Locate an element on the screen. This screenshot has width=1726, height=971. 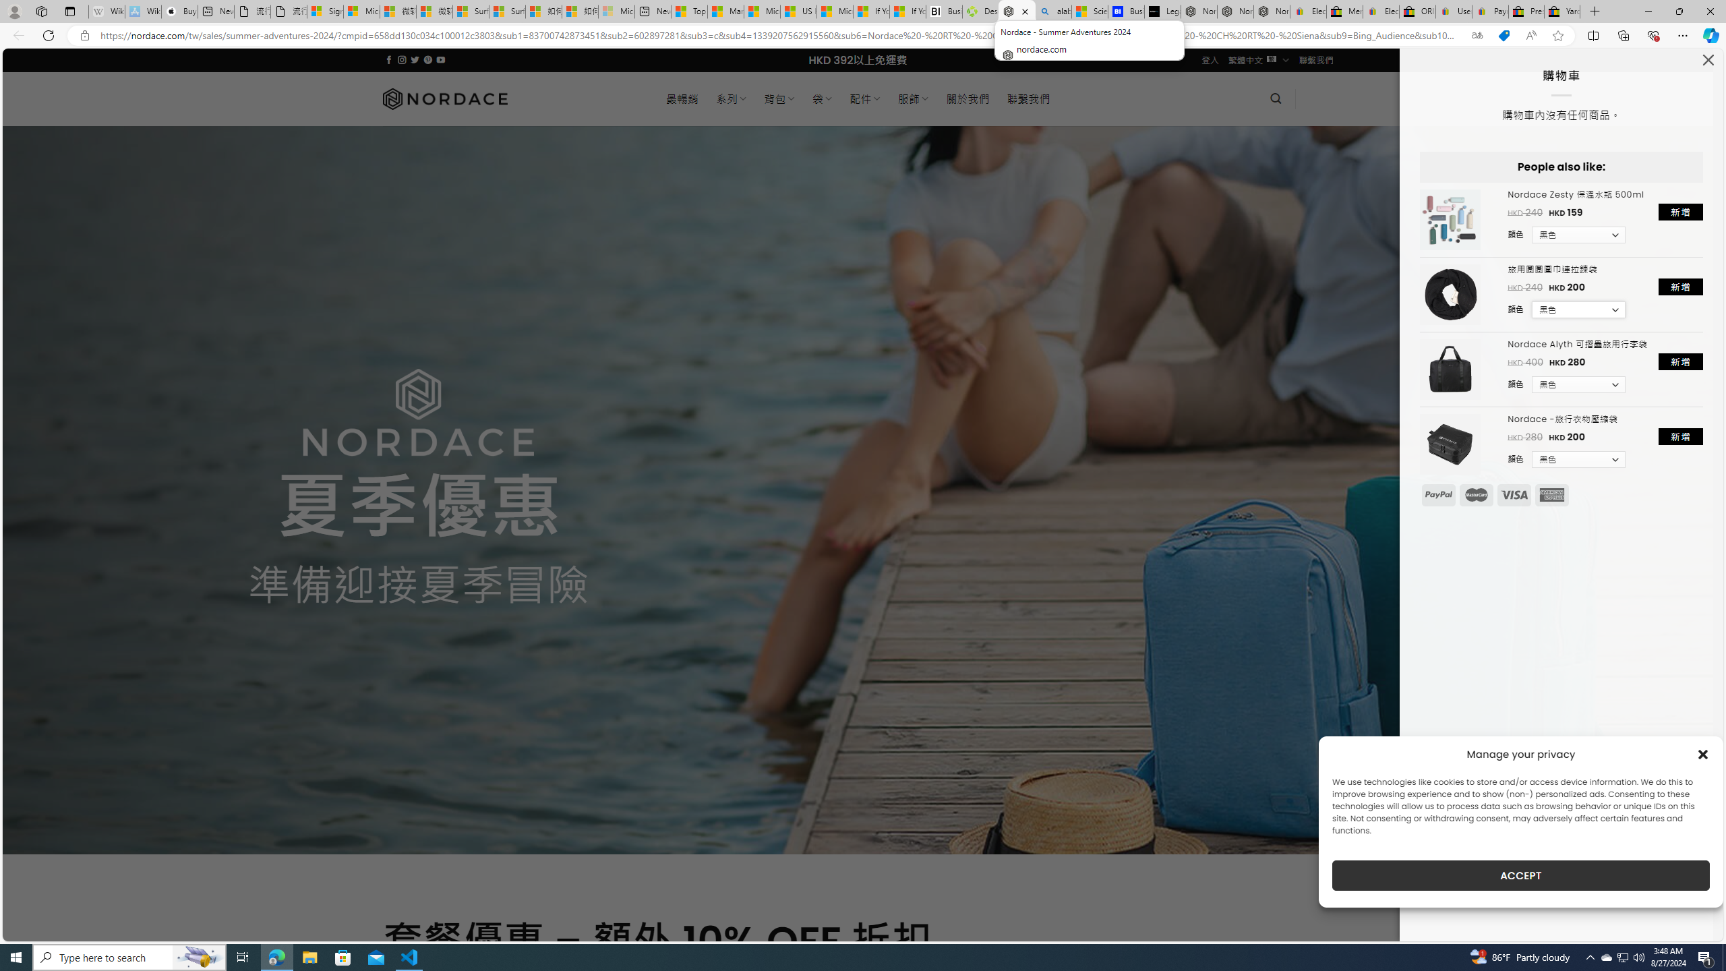
'Class: feather feather-x' is located at coordinates (1707, 59).